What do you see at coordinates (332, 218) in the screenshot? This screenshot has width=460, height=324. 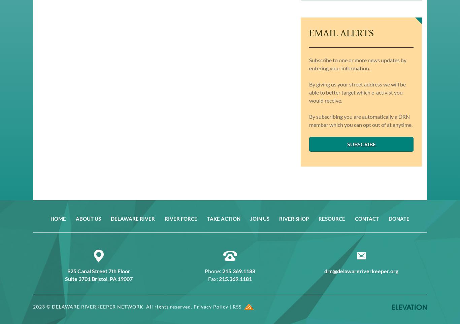 I see `'Resource'` at bounding box center [332, 218].